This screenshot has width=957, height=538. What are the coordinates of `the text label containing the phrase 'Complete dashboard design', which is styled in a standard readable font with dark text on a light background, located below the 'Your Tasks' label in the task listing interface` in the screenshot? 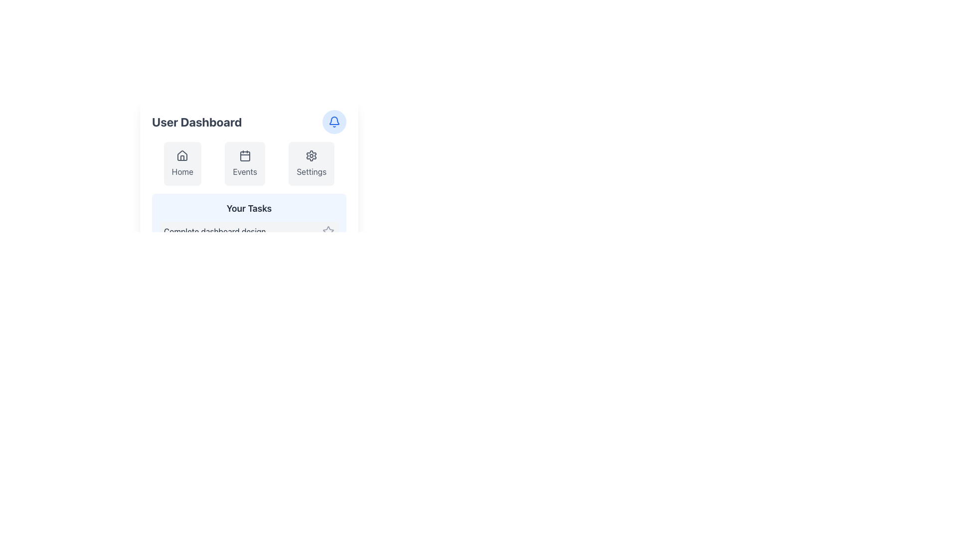 It's located at (214, 232).